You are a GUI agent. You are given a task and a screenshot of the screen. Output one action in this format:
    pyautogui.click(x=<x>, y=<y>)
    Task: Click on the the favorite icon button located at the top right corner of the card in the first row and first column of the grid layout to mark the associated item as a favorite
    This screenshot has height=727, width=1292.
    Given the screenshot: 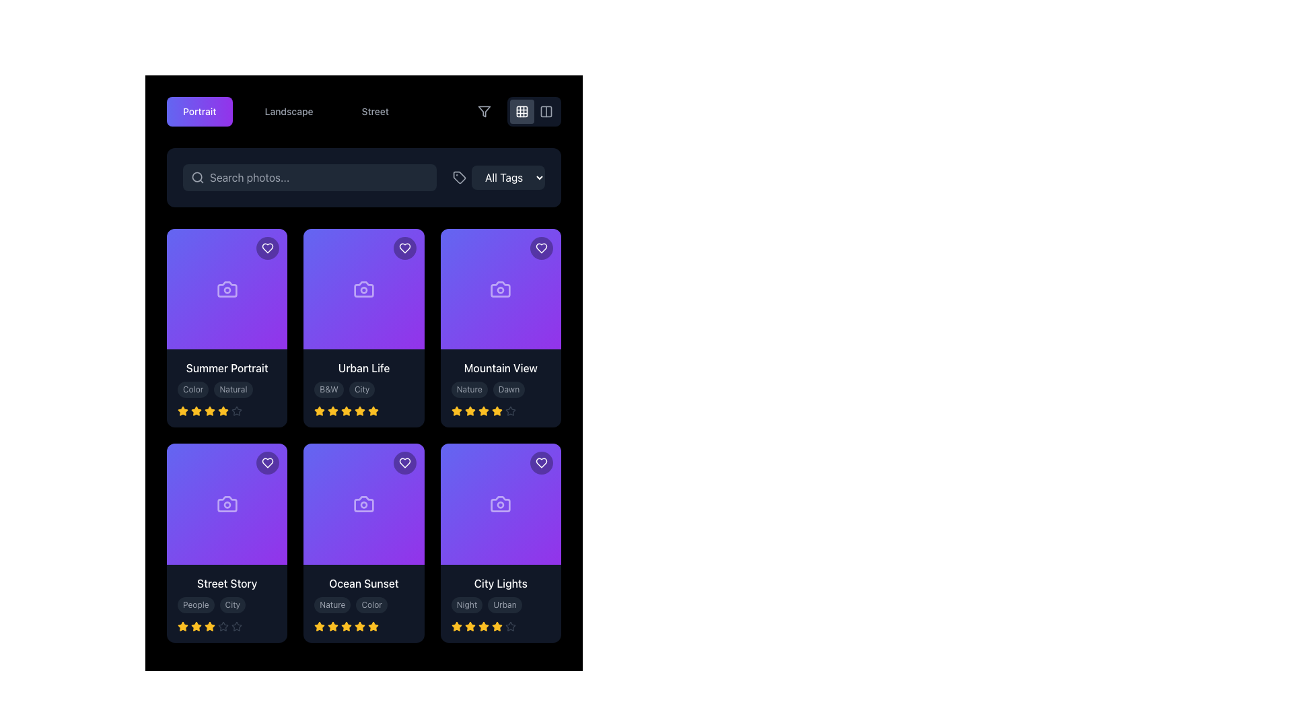 What is the action you would take?
    pyautogui.click(x=268, y=248)
    